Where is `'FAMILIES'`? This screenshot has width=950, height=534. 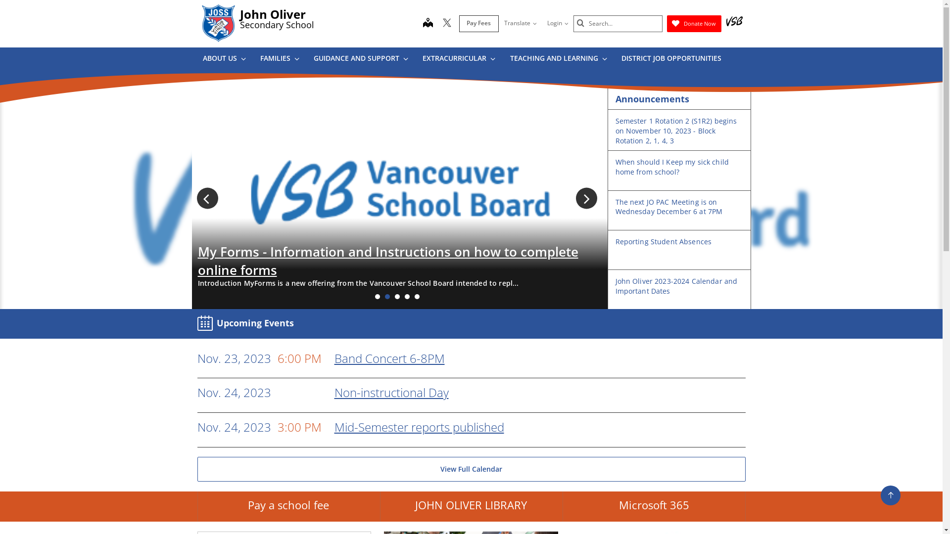
'FAMILIES' is located at coordinates (279, 60).